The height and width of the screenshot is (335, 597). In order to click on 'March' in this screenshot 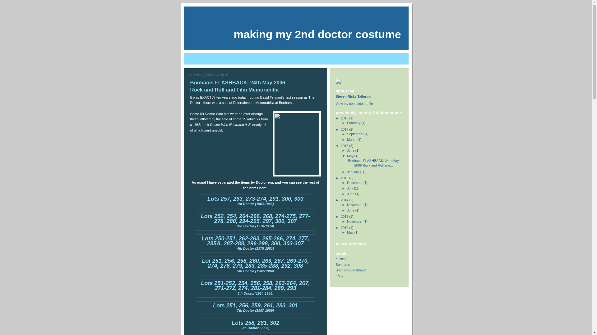, I will do `click(352, 140)`.